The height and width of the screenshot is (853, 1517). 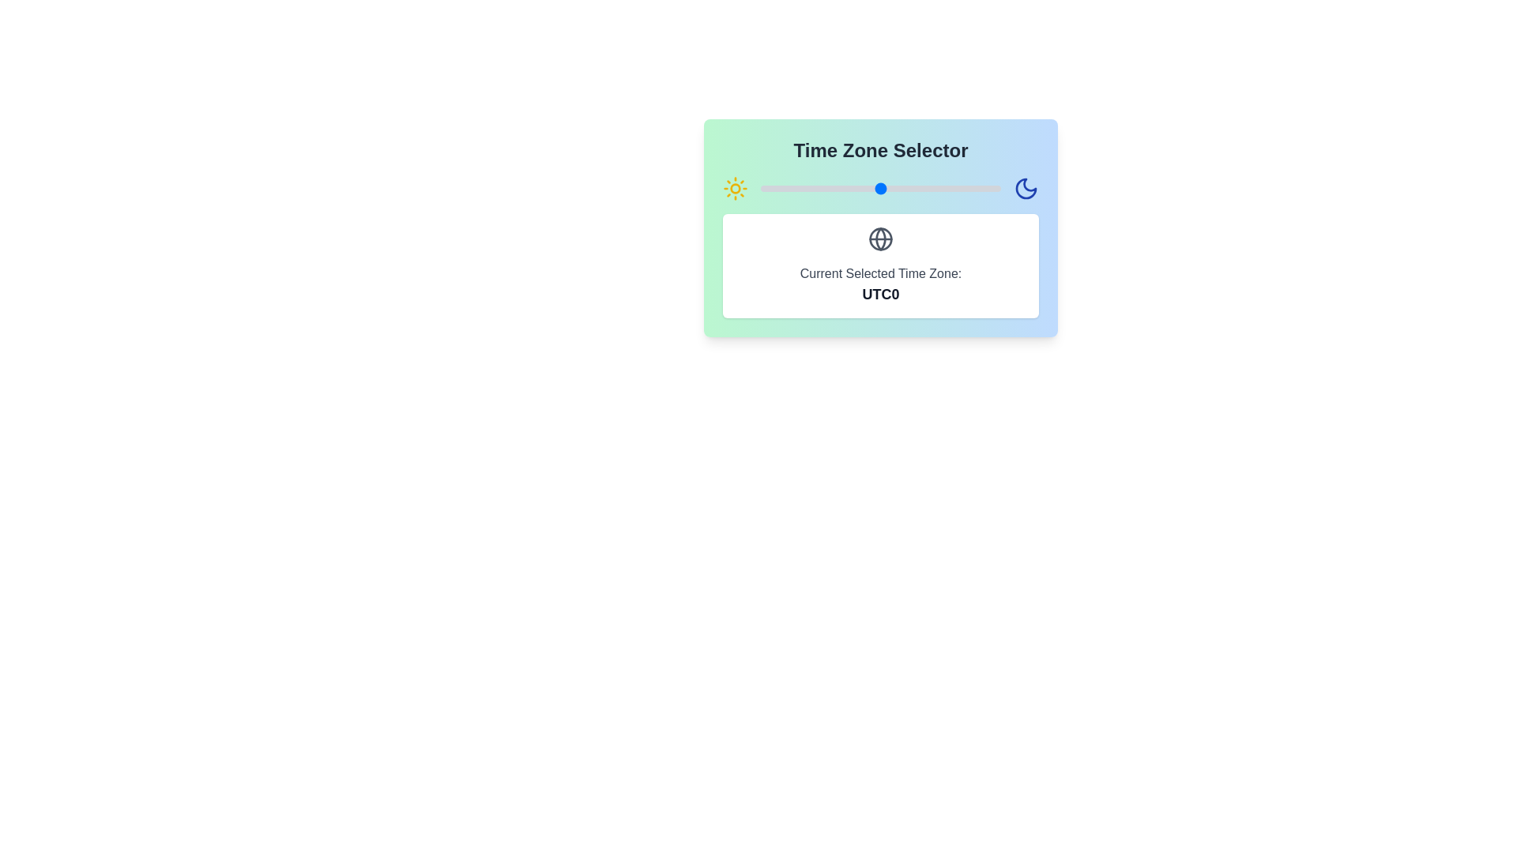 I want to click on the thicker, vertical curved line forming the right part of the globe icon, which is centrally positioned in the SVG graphic above the 'Current Selected Time Zone: UTC0' text, so click(x=879, y=239).